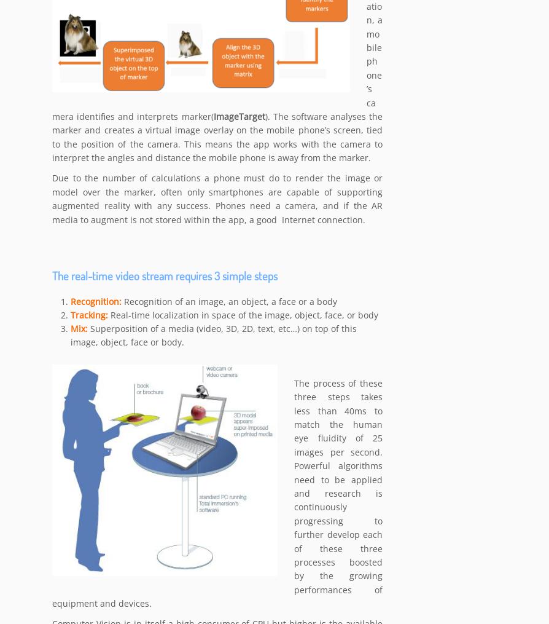 The width and height of the screenshot is (549, 624). What do you see at coordinates (230, 302) in the screenshot?
I see `'Recognition of an image, an object, a face or a body'` at bounding box center [230, 302].